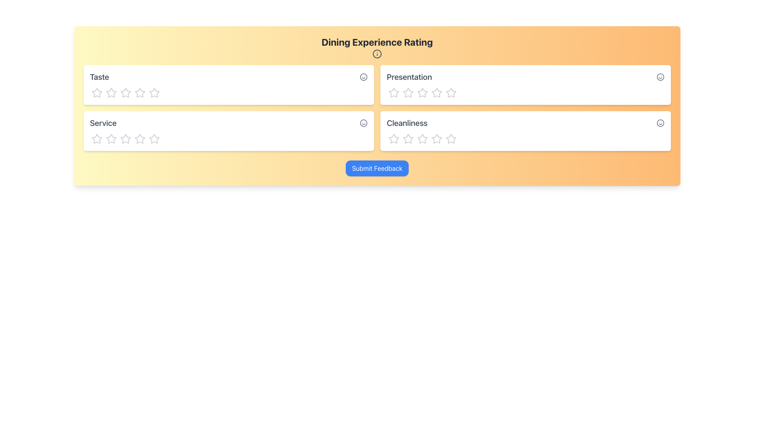  Describe the element at coordinates (97, 138) in the screenshot. I see `the first rating star for the 'Service' category` at that location.